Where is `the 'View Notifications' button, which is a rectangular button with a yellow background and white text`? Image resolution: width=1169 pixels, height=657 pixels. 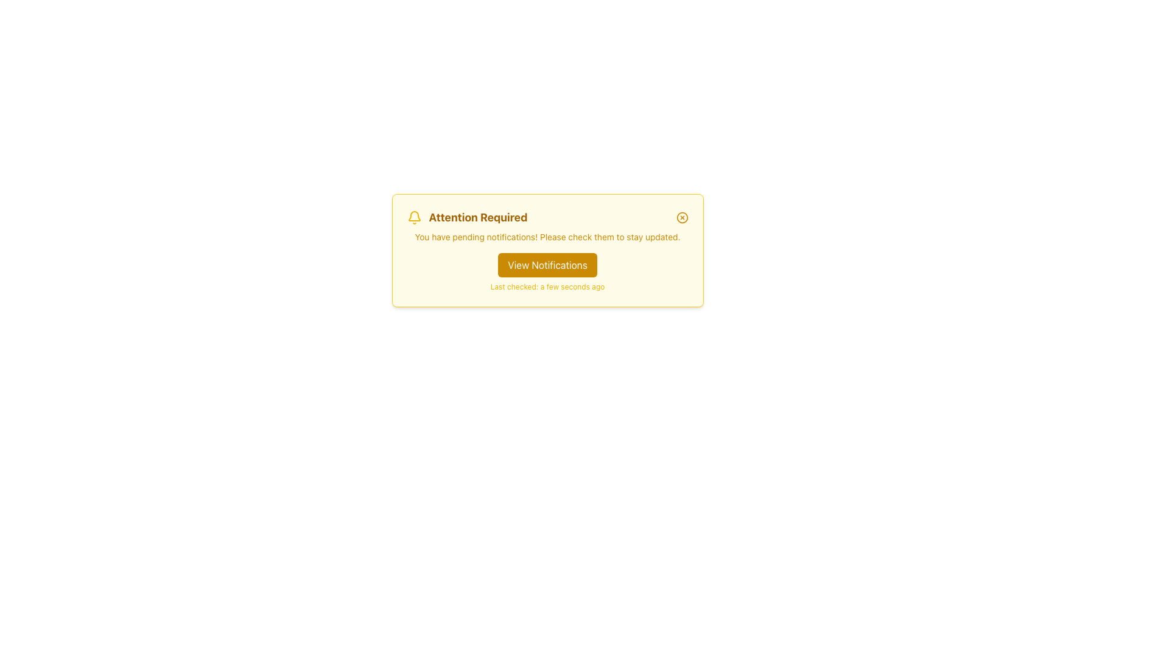
the 'View Notifications' button, which is a rectangular button with a yellow background and white text is located at coordinates (547, 264).